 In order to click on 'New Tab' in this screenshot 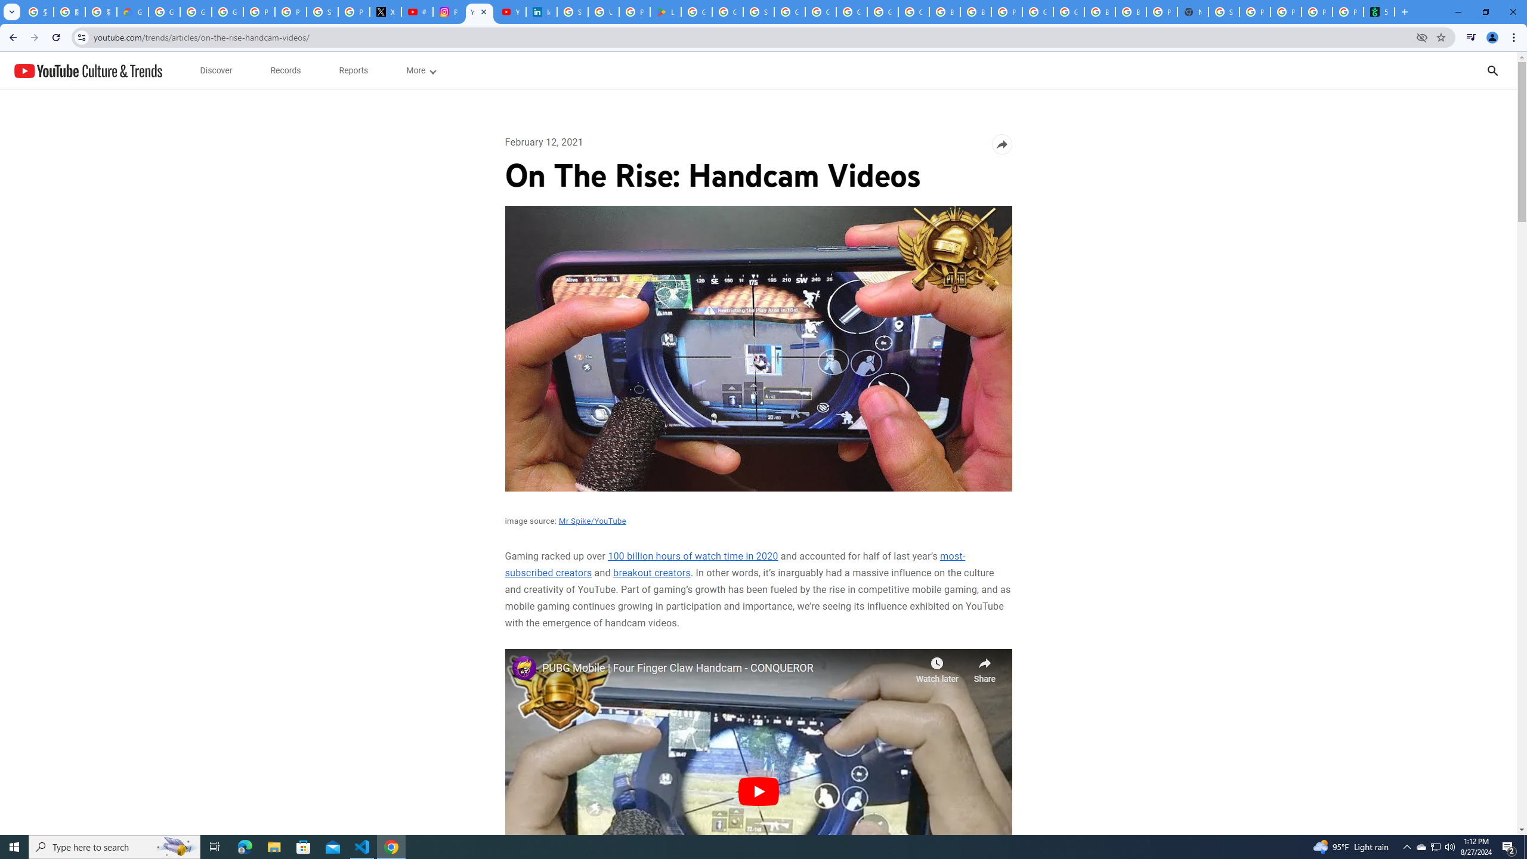, I will do `click(1193, 11)`.